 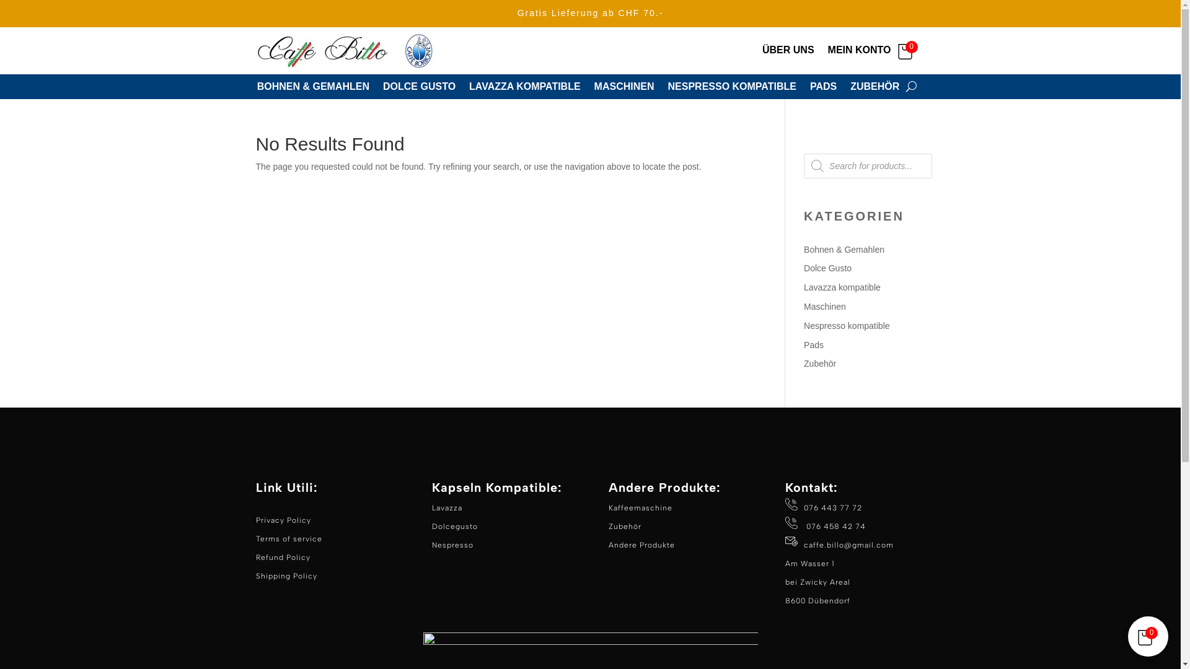 I want to click on 'Nespresso kompatible', so click(x=803, y=325).